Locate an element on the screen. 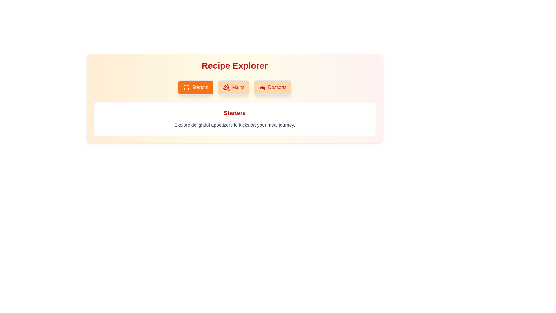 Image resolution: width=556 pixels, height=313 pixels. the Desserts tab by clicking on its button is located at coordinates (272, 87).